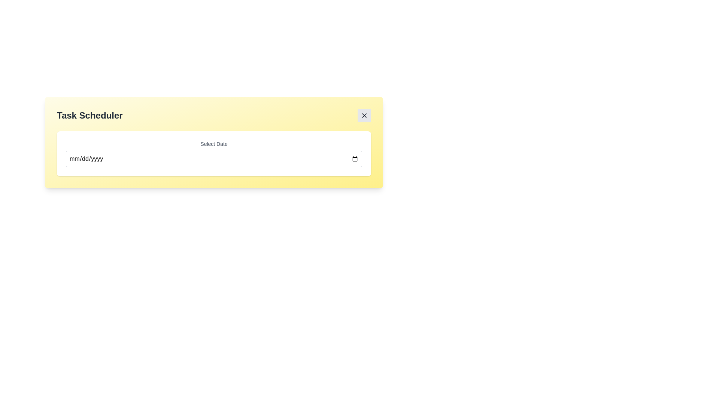  I want to click on the close button located at the top-right corner of the 'Task Scheduler' interface, so click(364, 115).